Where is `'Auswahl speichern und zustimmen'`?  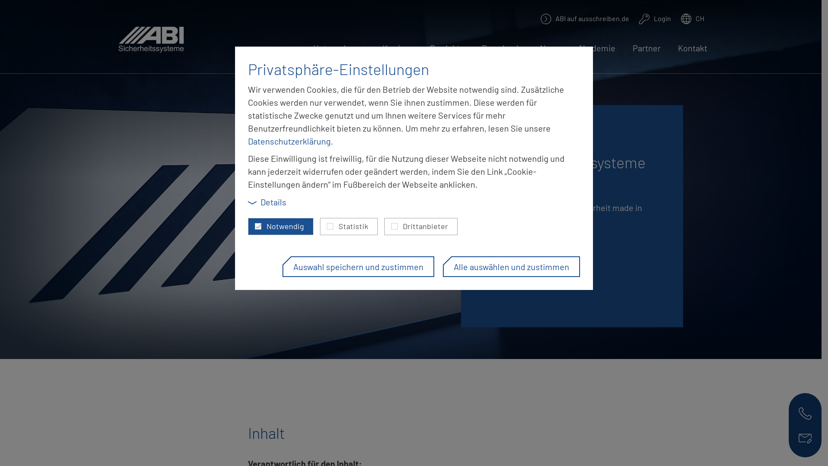
'Auswahl speichern und zustimmen' is located at coordinates (358, 266).